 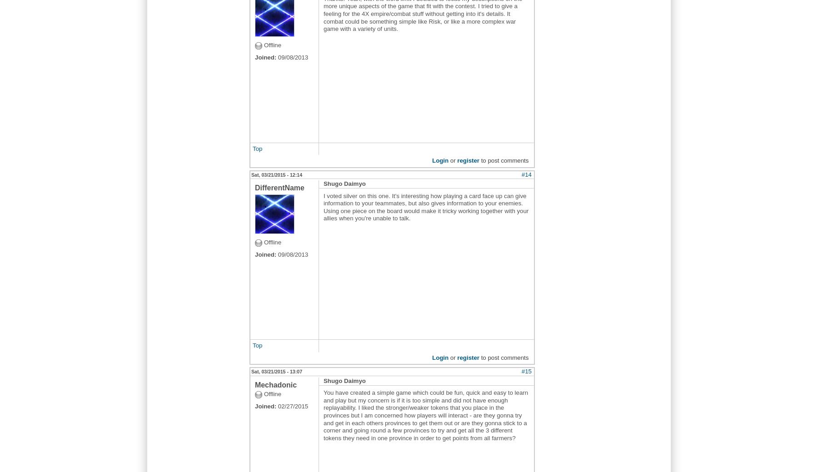 What do you see at coordinates (276, 371) in the screenshot?
I see `'Sat, 03/21/2015 - 13:07'` at bounding box center [276, 371].